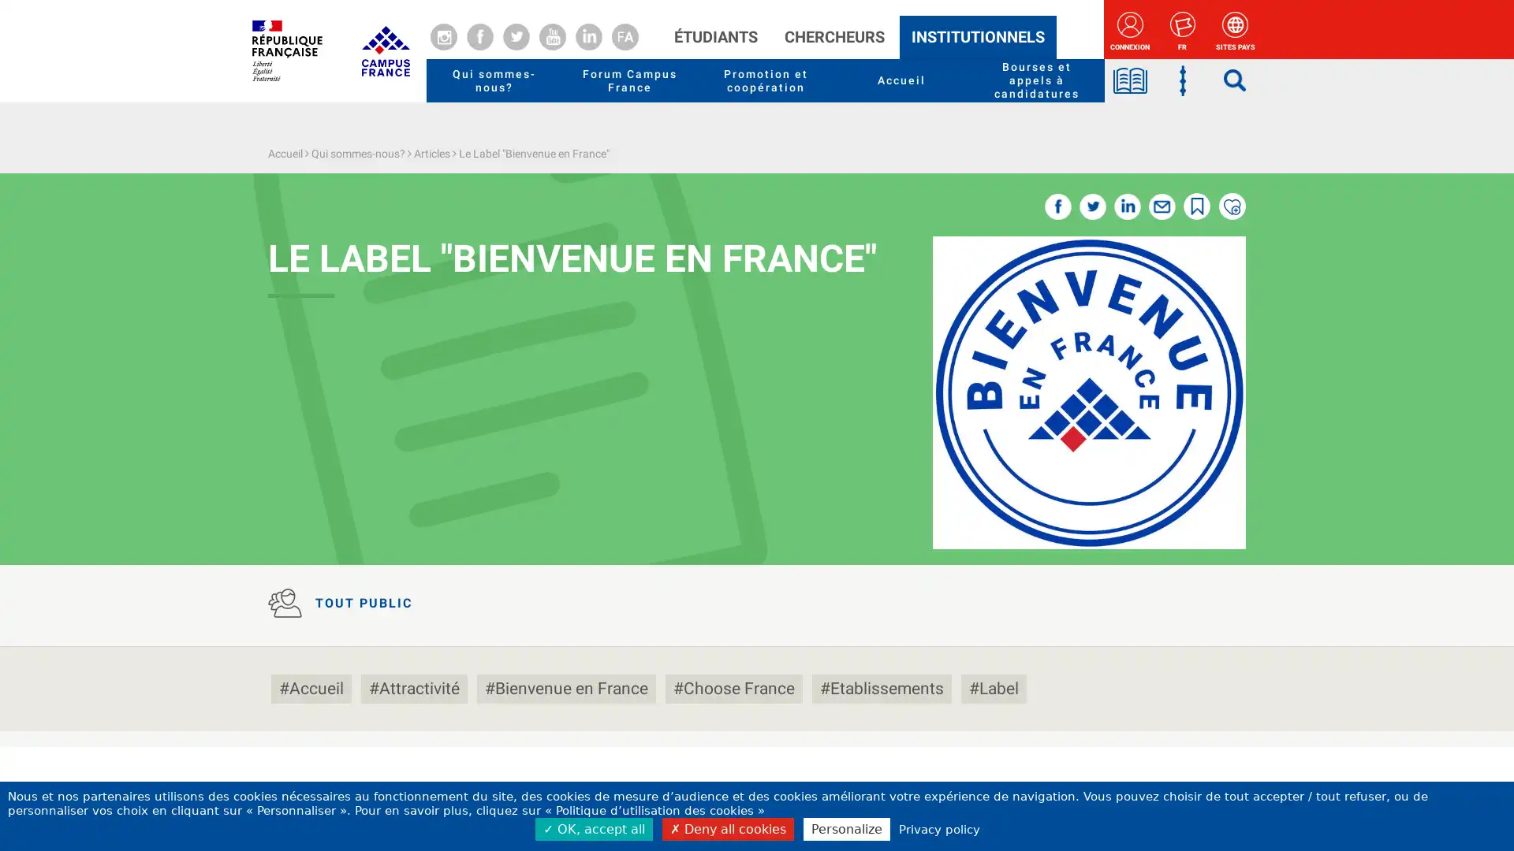 The width and height of the screenshot is (1514, 851). What do you see at coordinates (938, 828) in the screenshot?
I see `Privacy policy` at bounding box center [938, 828].